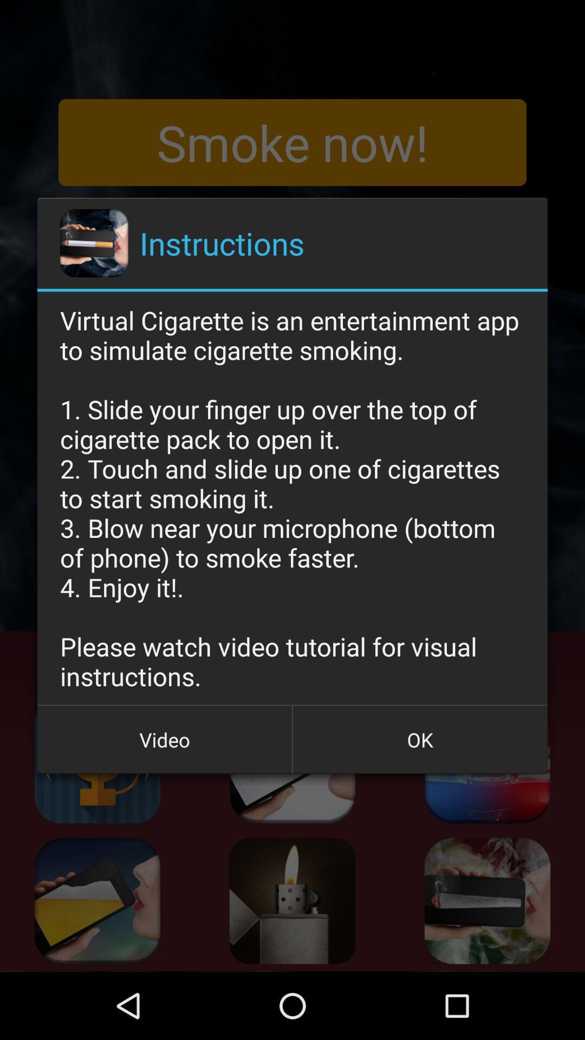 The height and width of the screenshot is (1040, 585). What do you see at coordinates (419, 739) in the screenshot?
I see `the button next to video icon` at bounding box center [419, 739].